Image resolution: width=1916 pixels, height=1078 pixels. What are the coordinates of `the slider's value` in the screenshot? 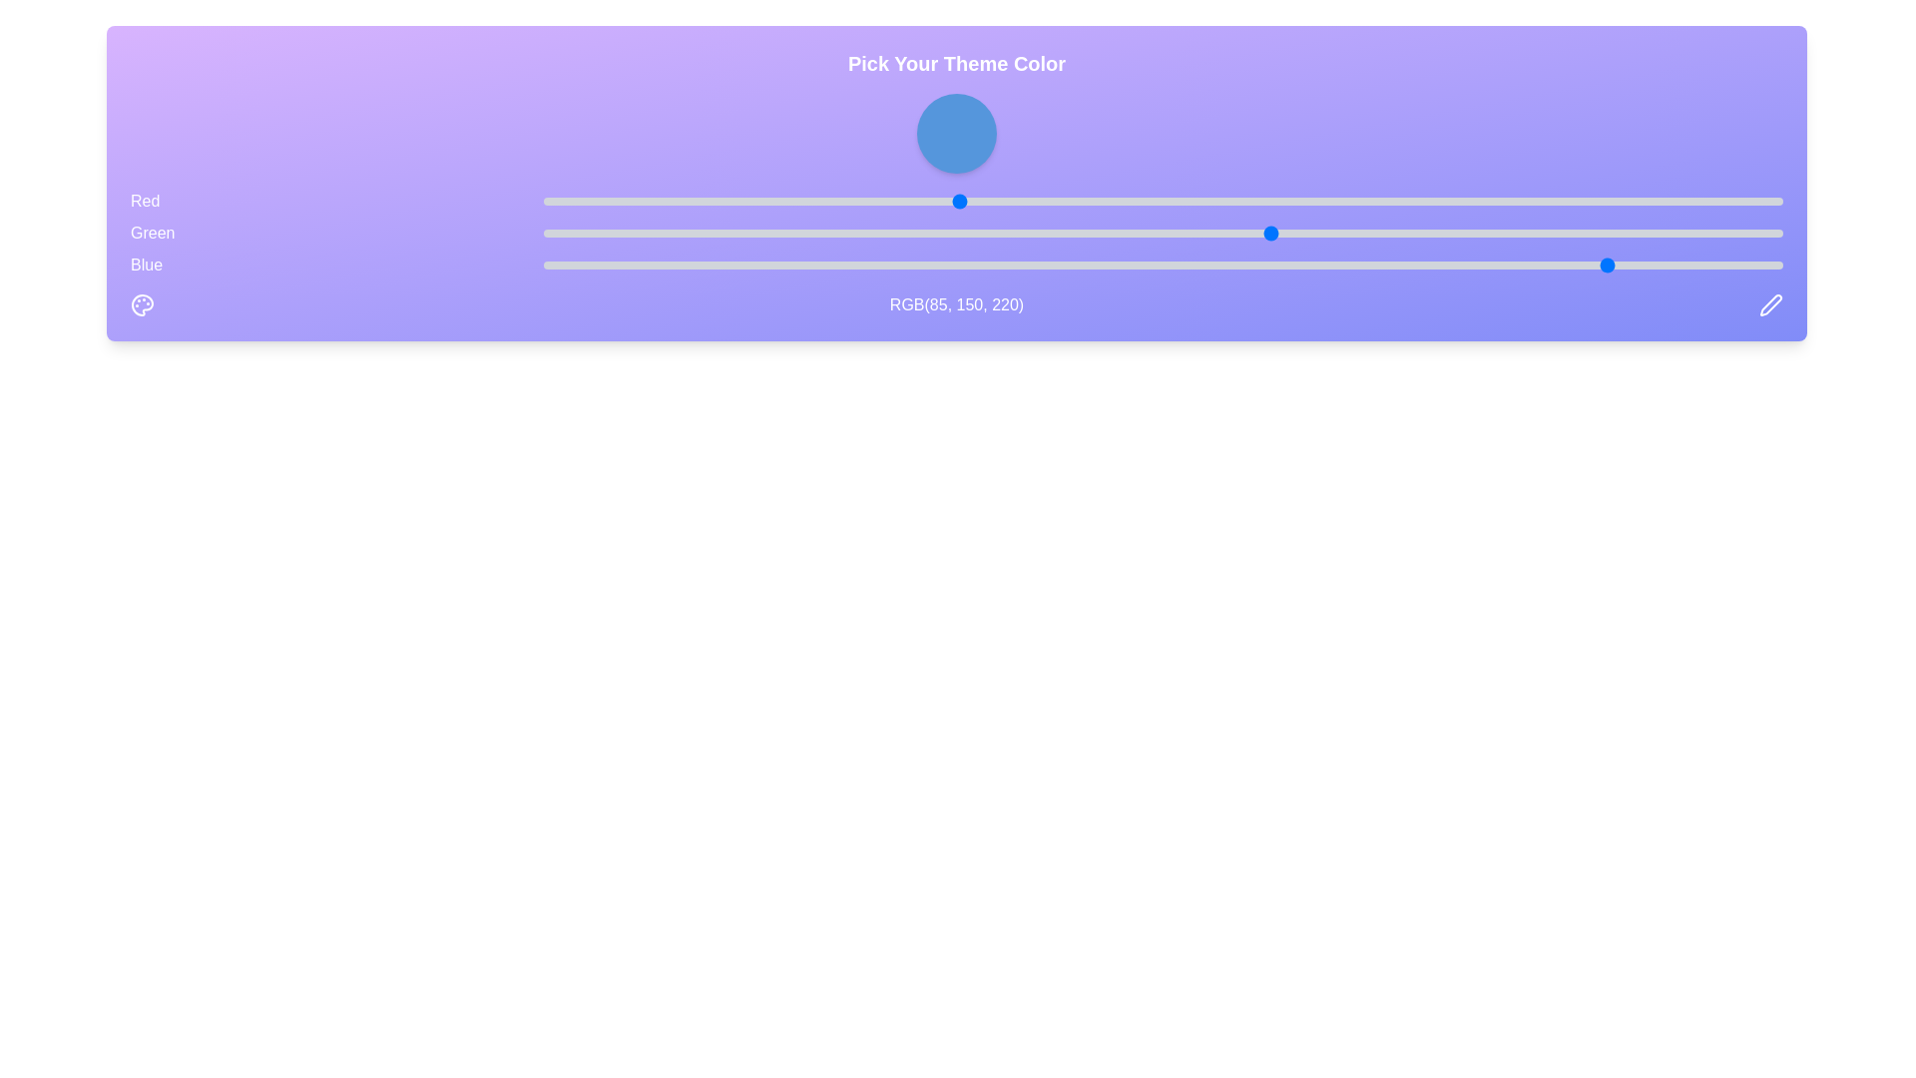 It's located at (1534, 201).